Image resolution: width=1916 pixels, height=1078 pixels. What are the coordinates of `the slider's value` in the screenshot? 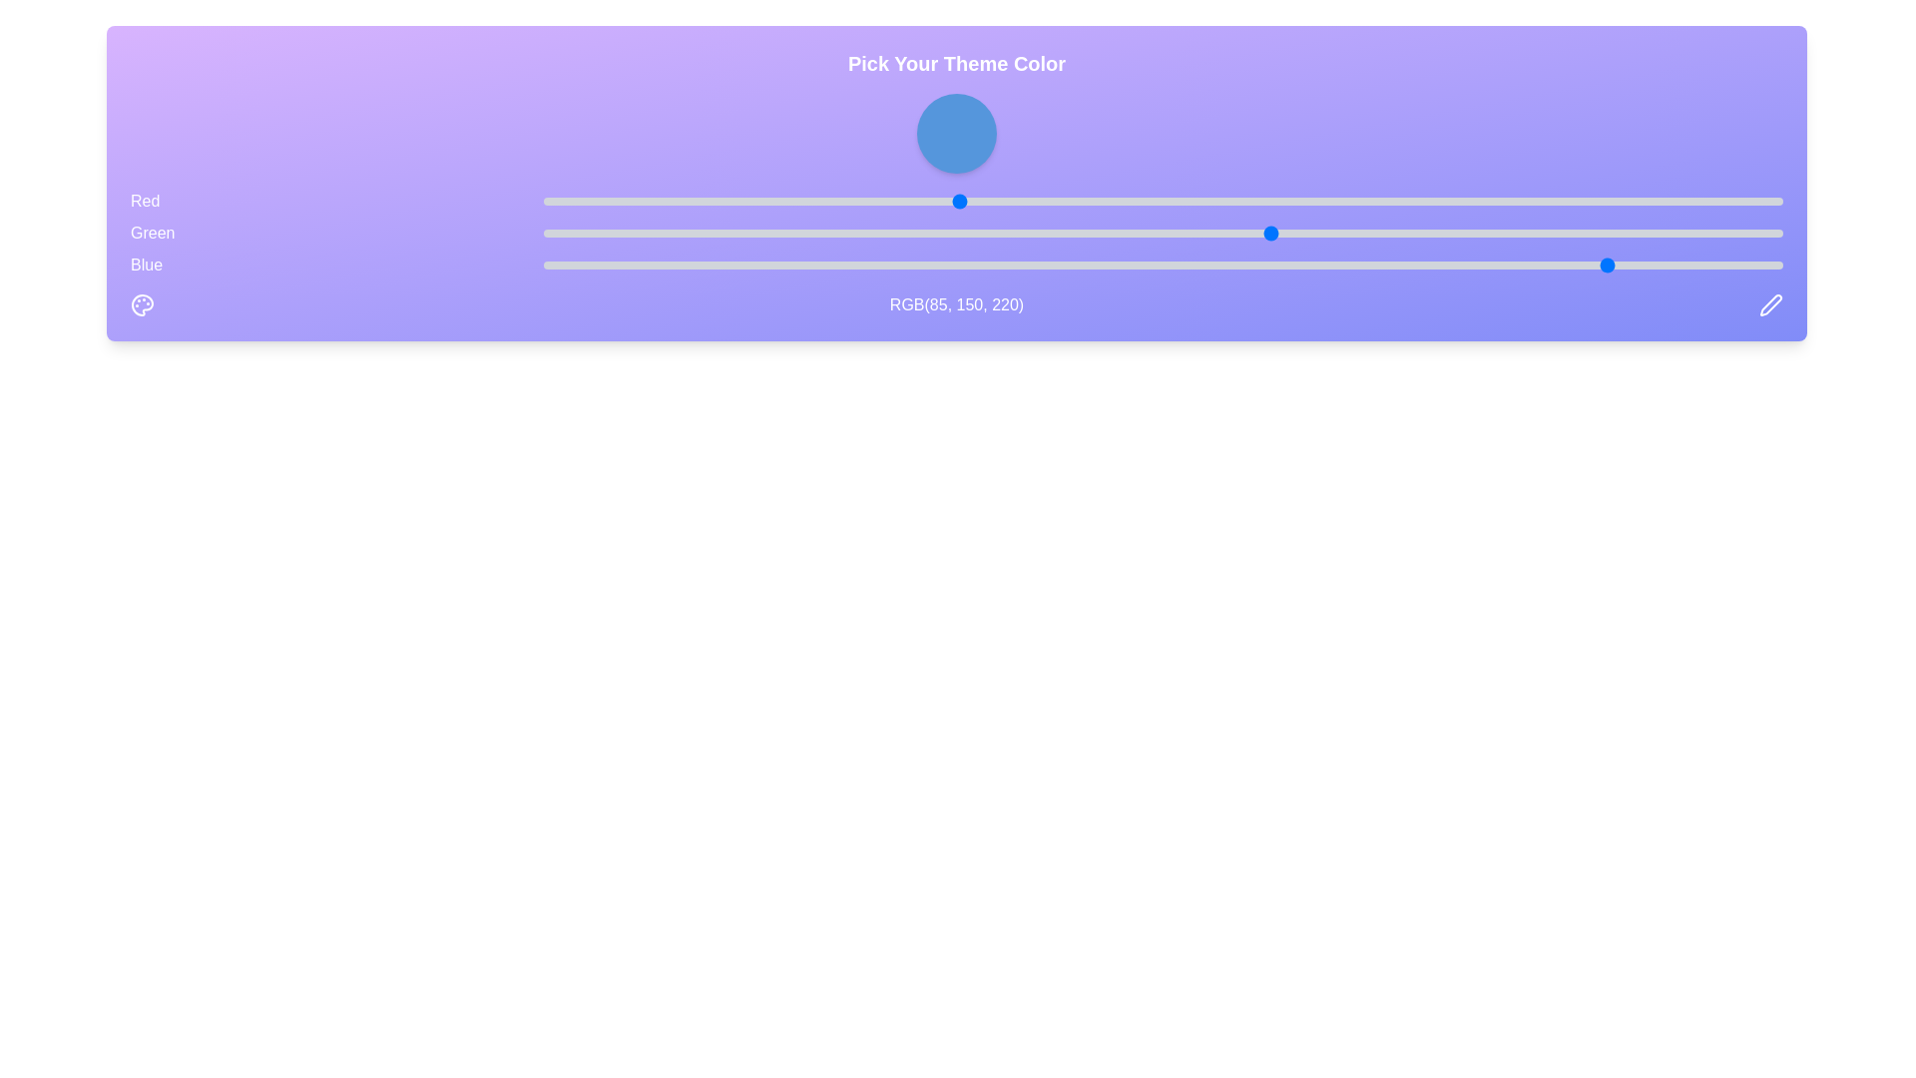 It's located at (1534, 201).